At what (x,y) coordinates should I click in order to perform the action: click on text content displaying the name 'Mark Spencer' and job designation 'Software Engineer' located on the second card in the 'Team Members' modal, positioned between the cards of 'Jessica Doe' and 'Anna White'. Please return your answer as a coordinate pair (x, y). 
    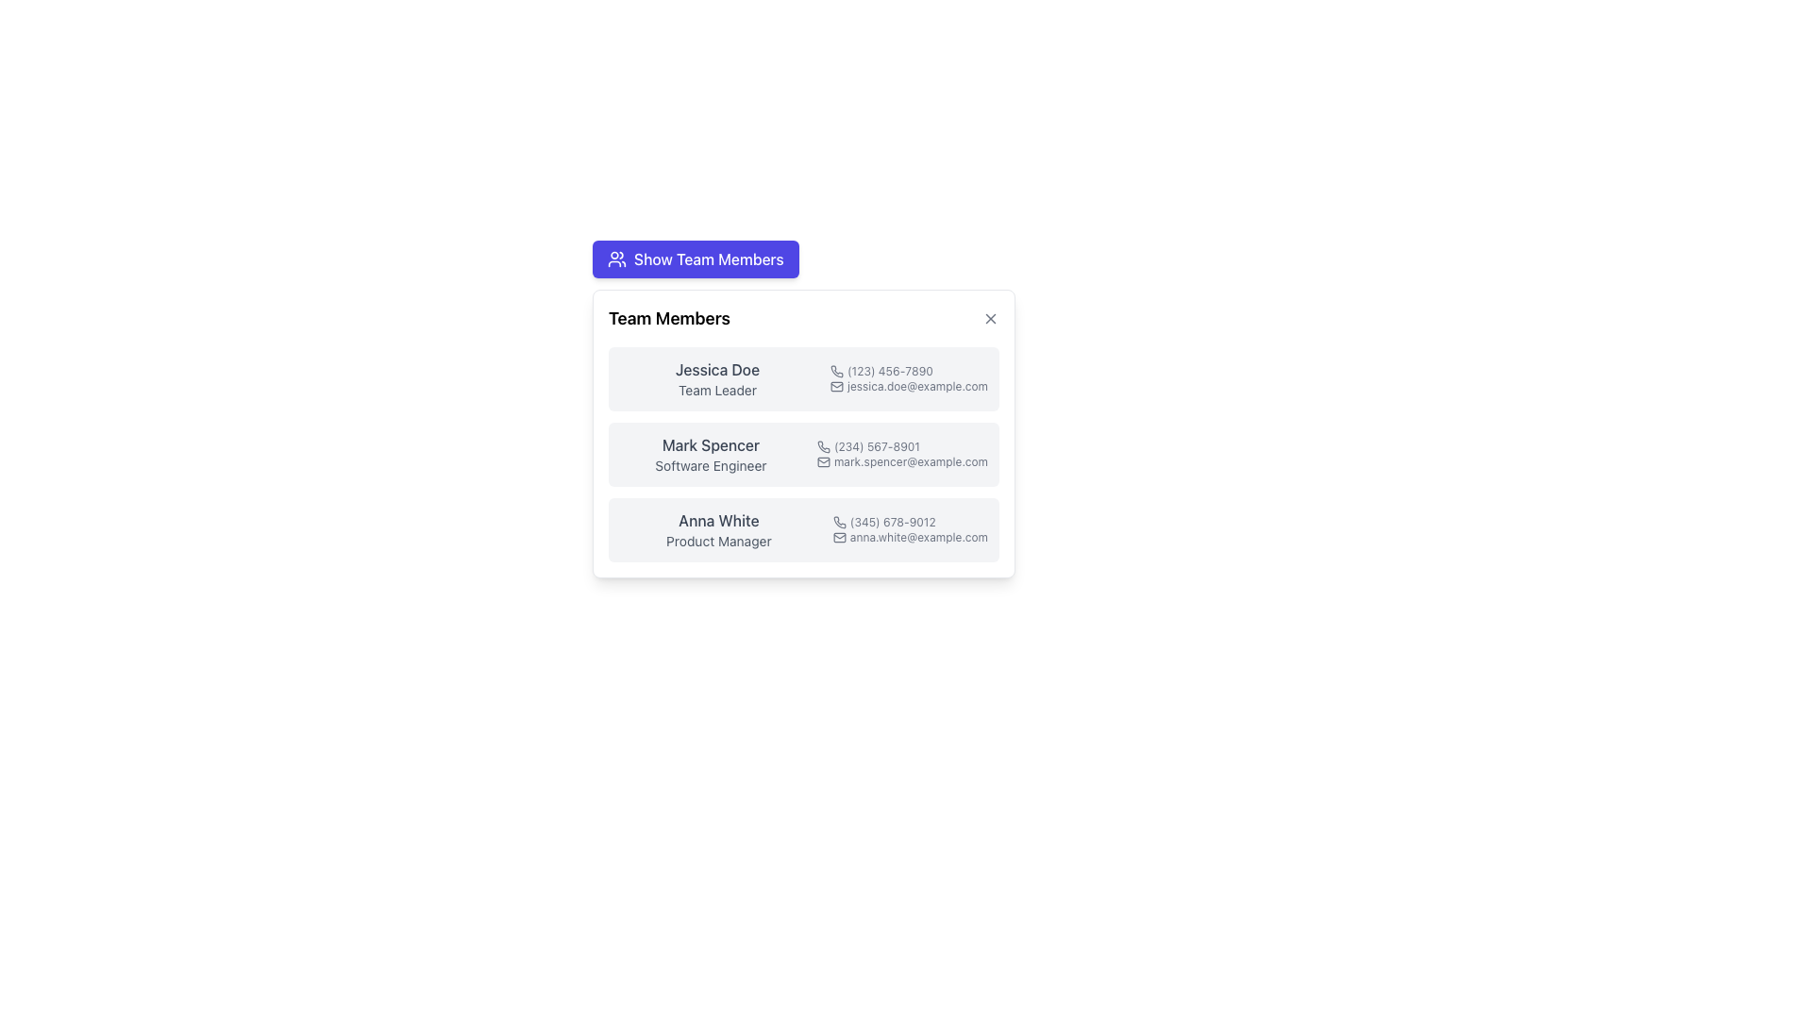
    Looking at the image, I should click on (710, 455).